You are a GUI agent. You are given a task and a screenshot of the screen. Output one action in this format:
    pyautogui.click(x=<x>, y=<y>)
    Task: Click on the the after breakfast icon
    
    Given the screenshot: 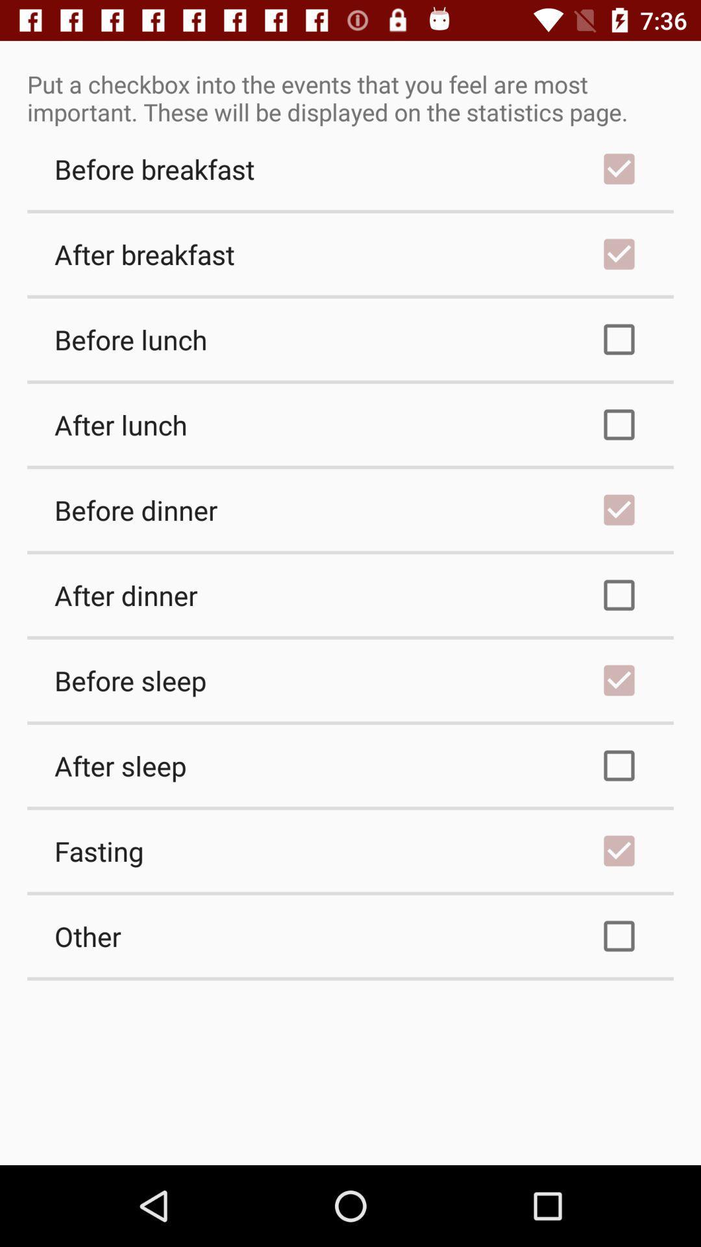 What is the action you would take?
    pyautogui.click(x=350, y=254)
    